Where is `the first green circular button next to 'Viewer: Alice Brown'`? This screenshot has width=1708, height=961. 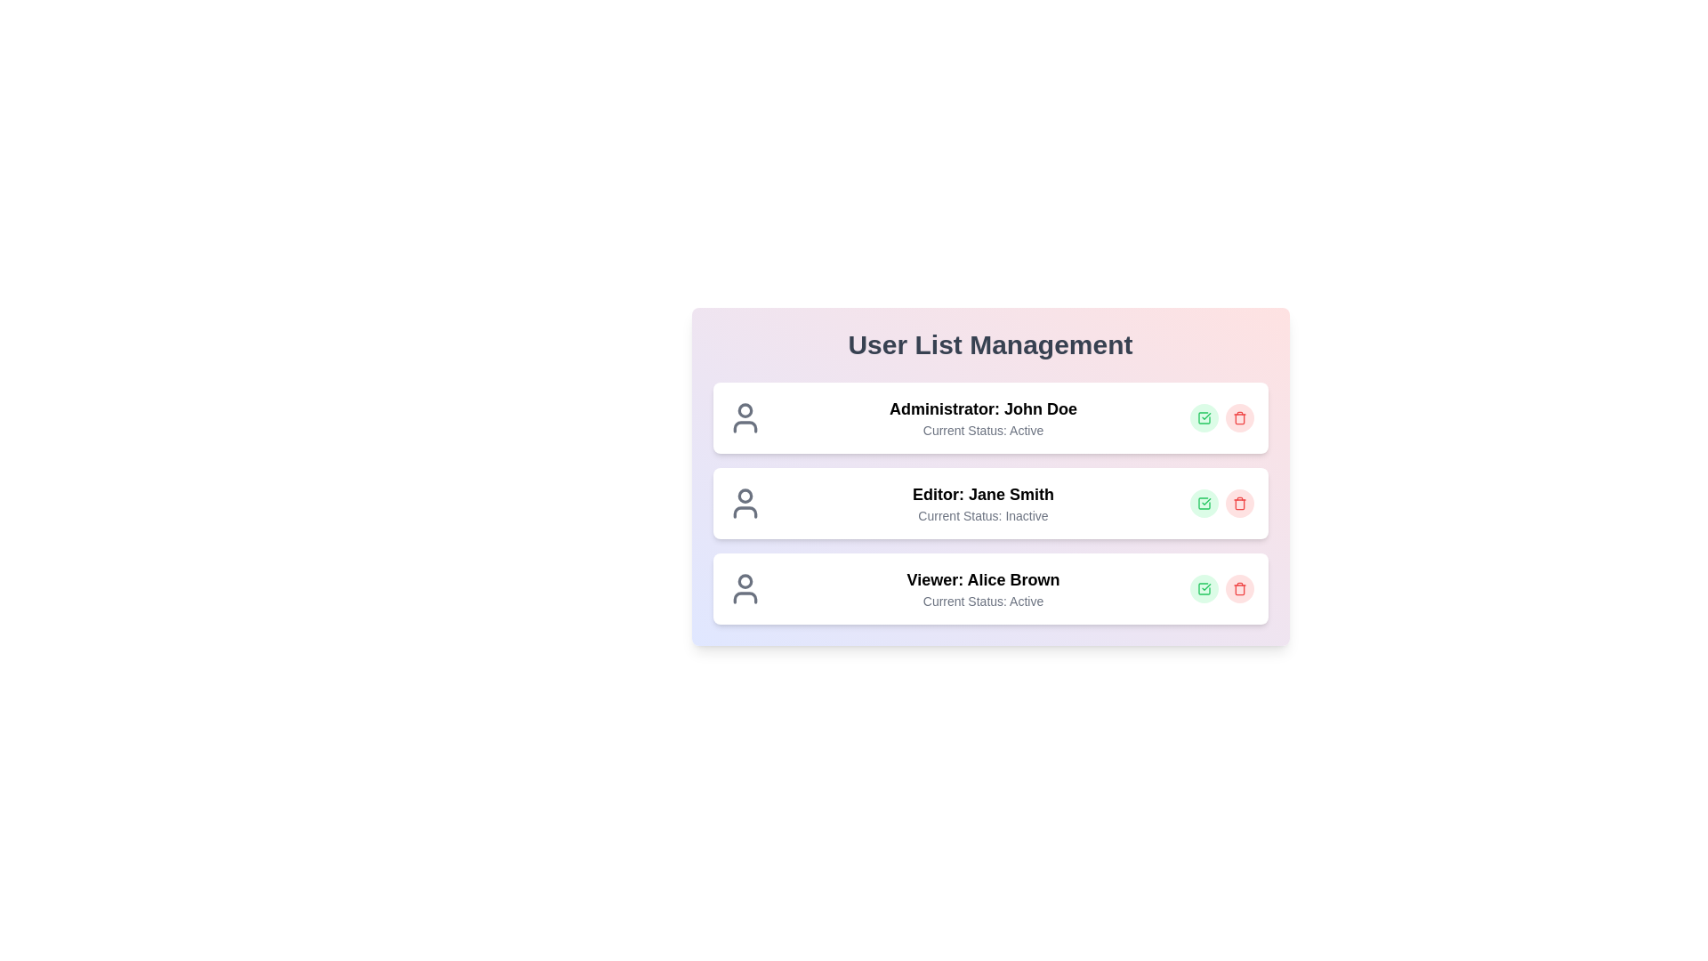
the first green circular button next to 'Viewer: Alice Brown' is located at coordinates (1204, 589).